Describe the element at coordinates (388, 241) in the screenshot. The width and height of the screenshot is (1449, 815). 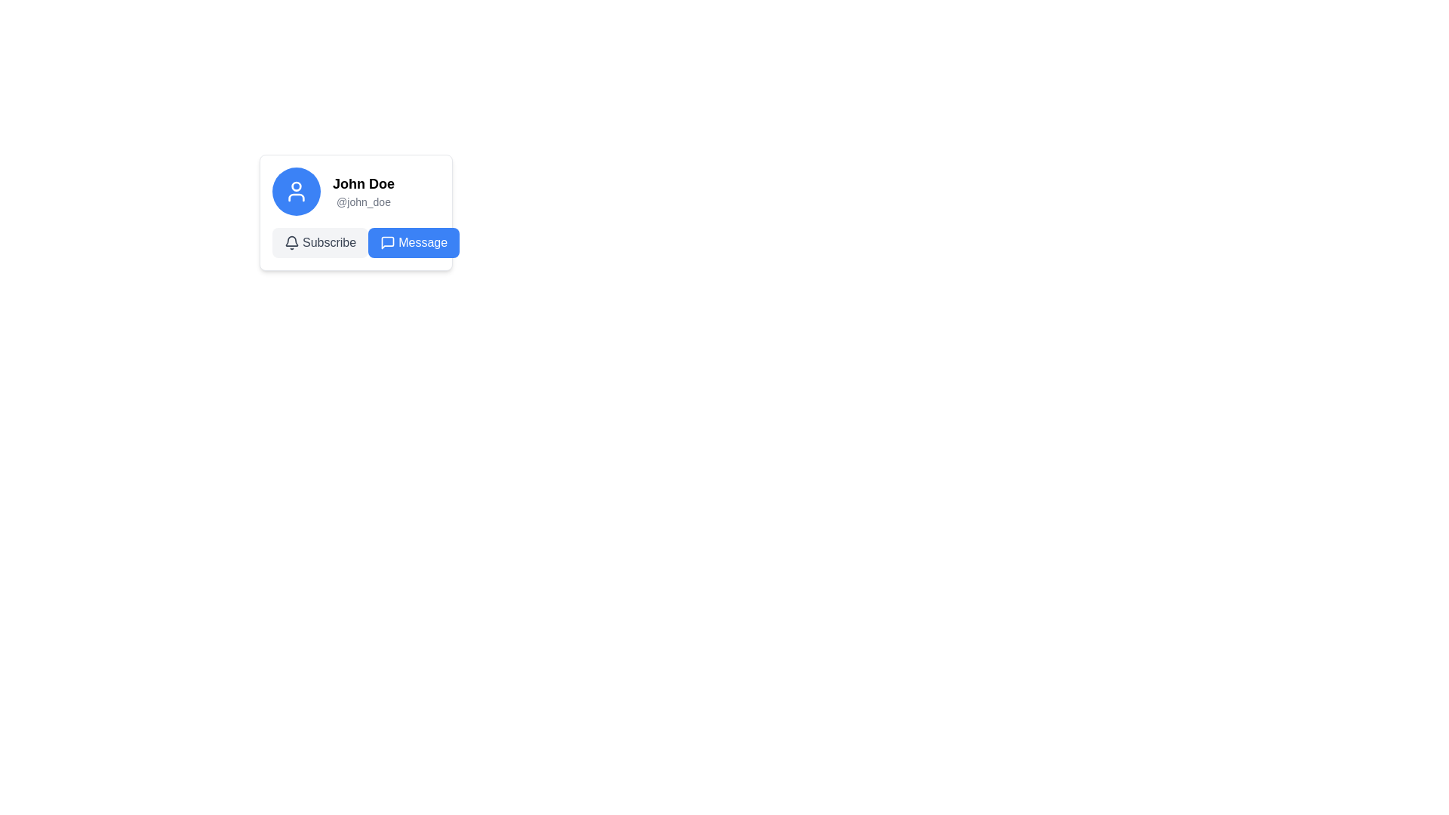
I see `the stylized speech bubble icon located slightly to the right of the center within the blue 'Message' button` at that location.